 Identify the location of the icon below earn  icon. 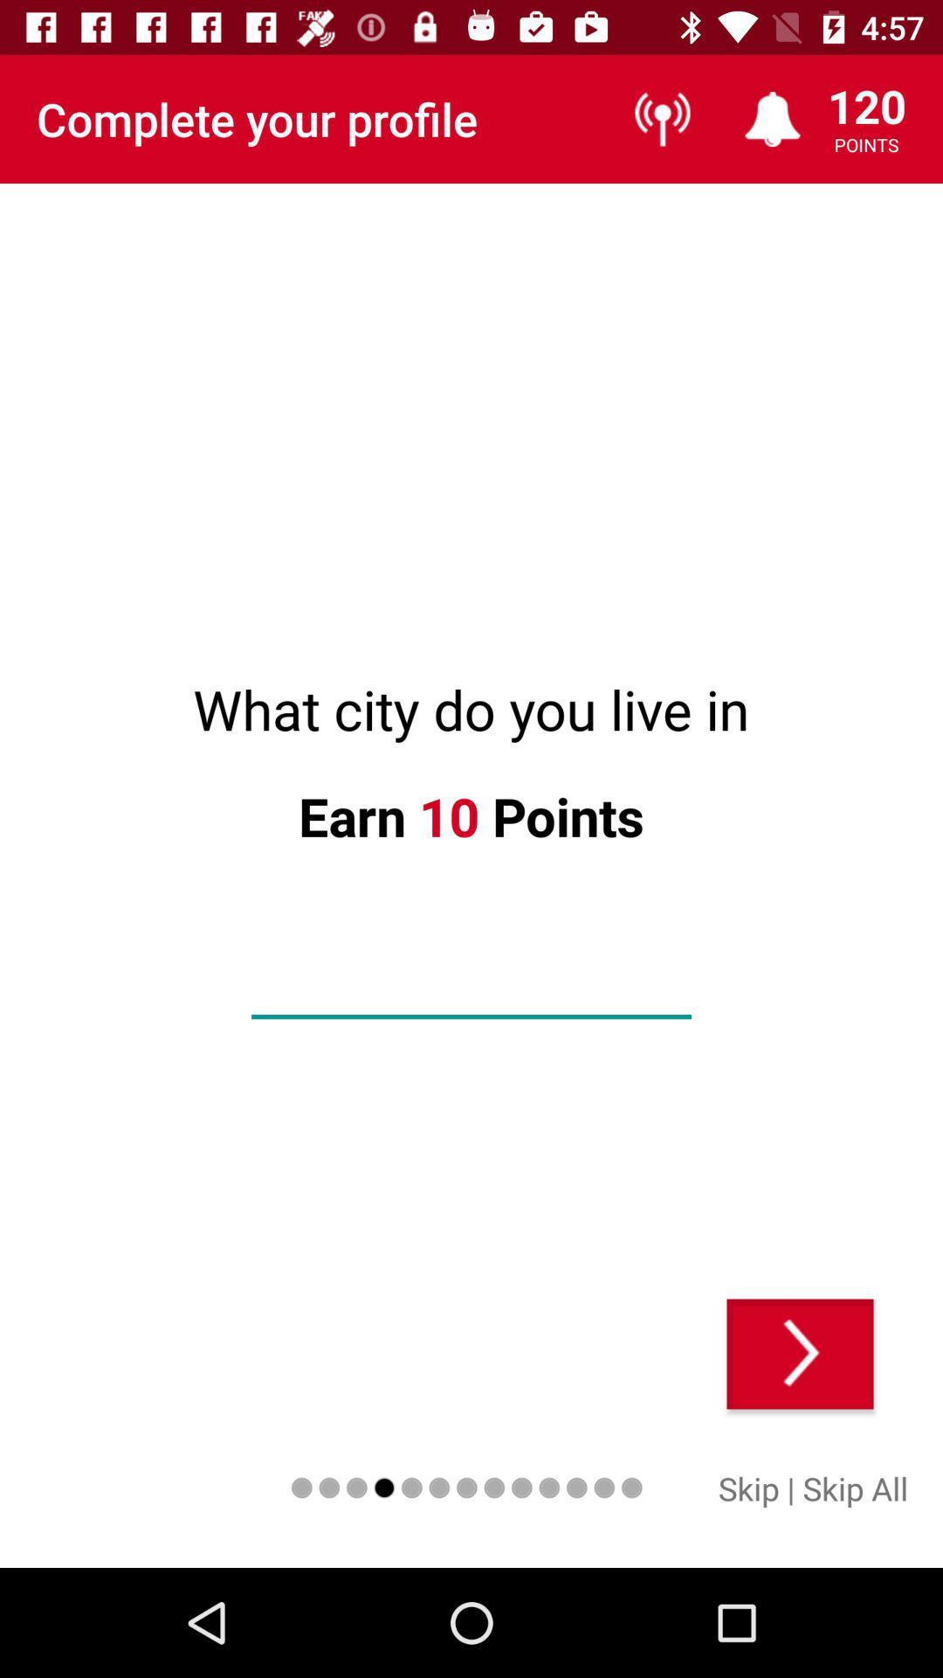
(471, 988).